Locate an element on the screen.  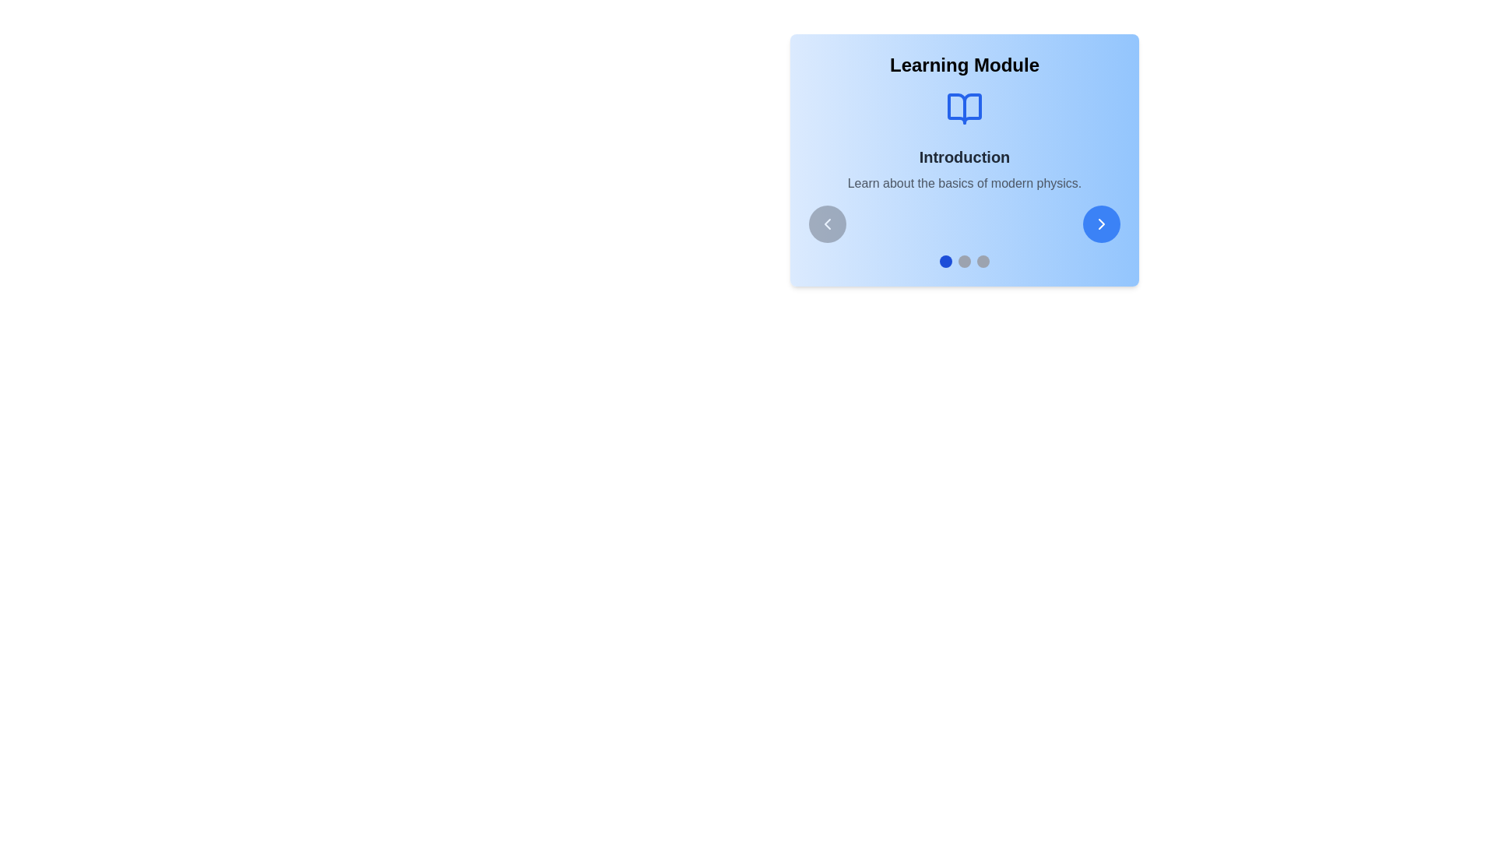
the blue outlined open book icon centered at the top of the module card, located above the text 'Introduction' and below the header 'Learning Module' is located at coordinates (963, 107).